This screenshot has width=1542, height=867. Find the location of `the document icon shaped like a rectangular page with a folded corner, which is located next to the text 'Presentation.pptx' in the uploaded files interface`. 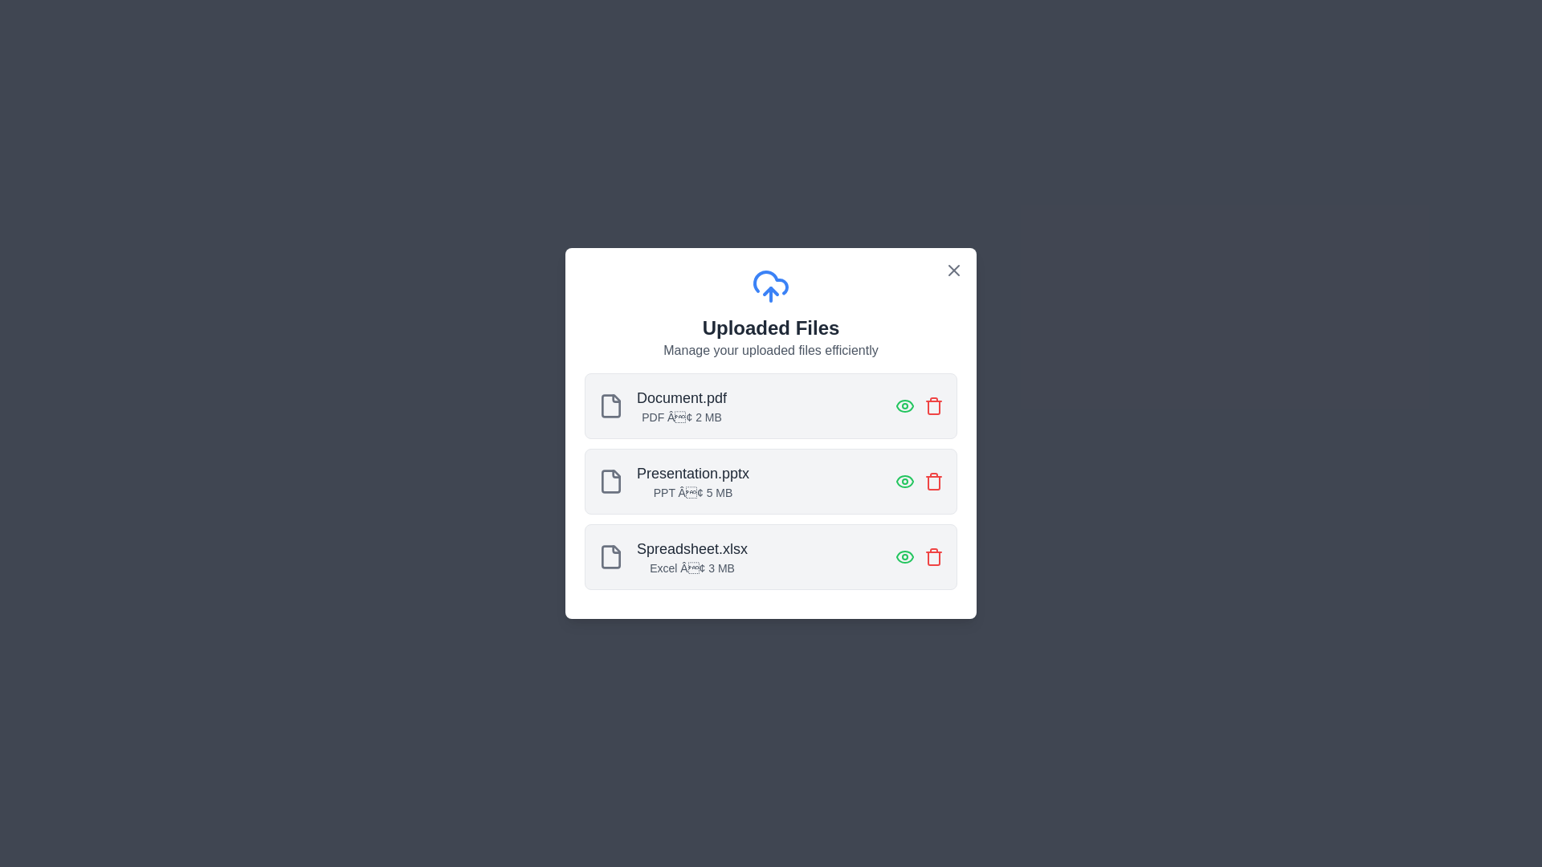

the document icon shaped like a rectangular page with a folded corner, which is located next to the text 'Presentation.pptx' in the uploaded files interface is located at coordinates (610, 481).